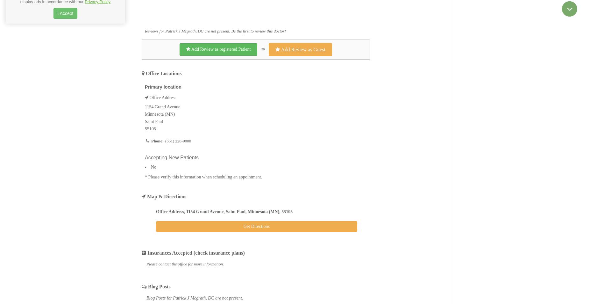 This screenshot has height=304, width=589. What do you see at coordinates (150, 129) in the screenshot?
I see `'55105'` at bounding box center [150, 129].